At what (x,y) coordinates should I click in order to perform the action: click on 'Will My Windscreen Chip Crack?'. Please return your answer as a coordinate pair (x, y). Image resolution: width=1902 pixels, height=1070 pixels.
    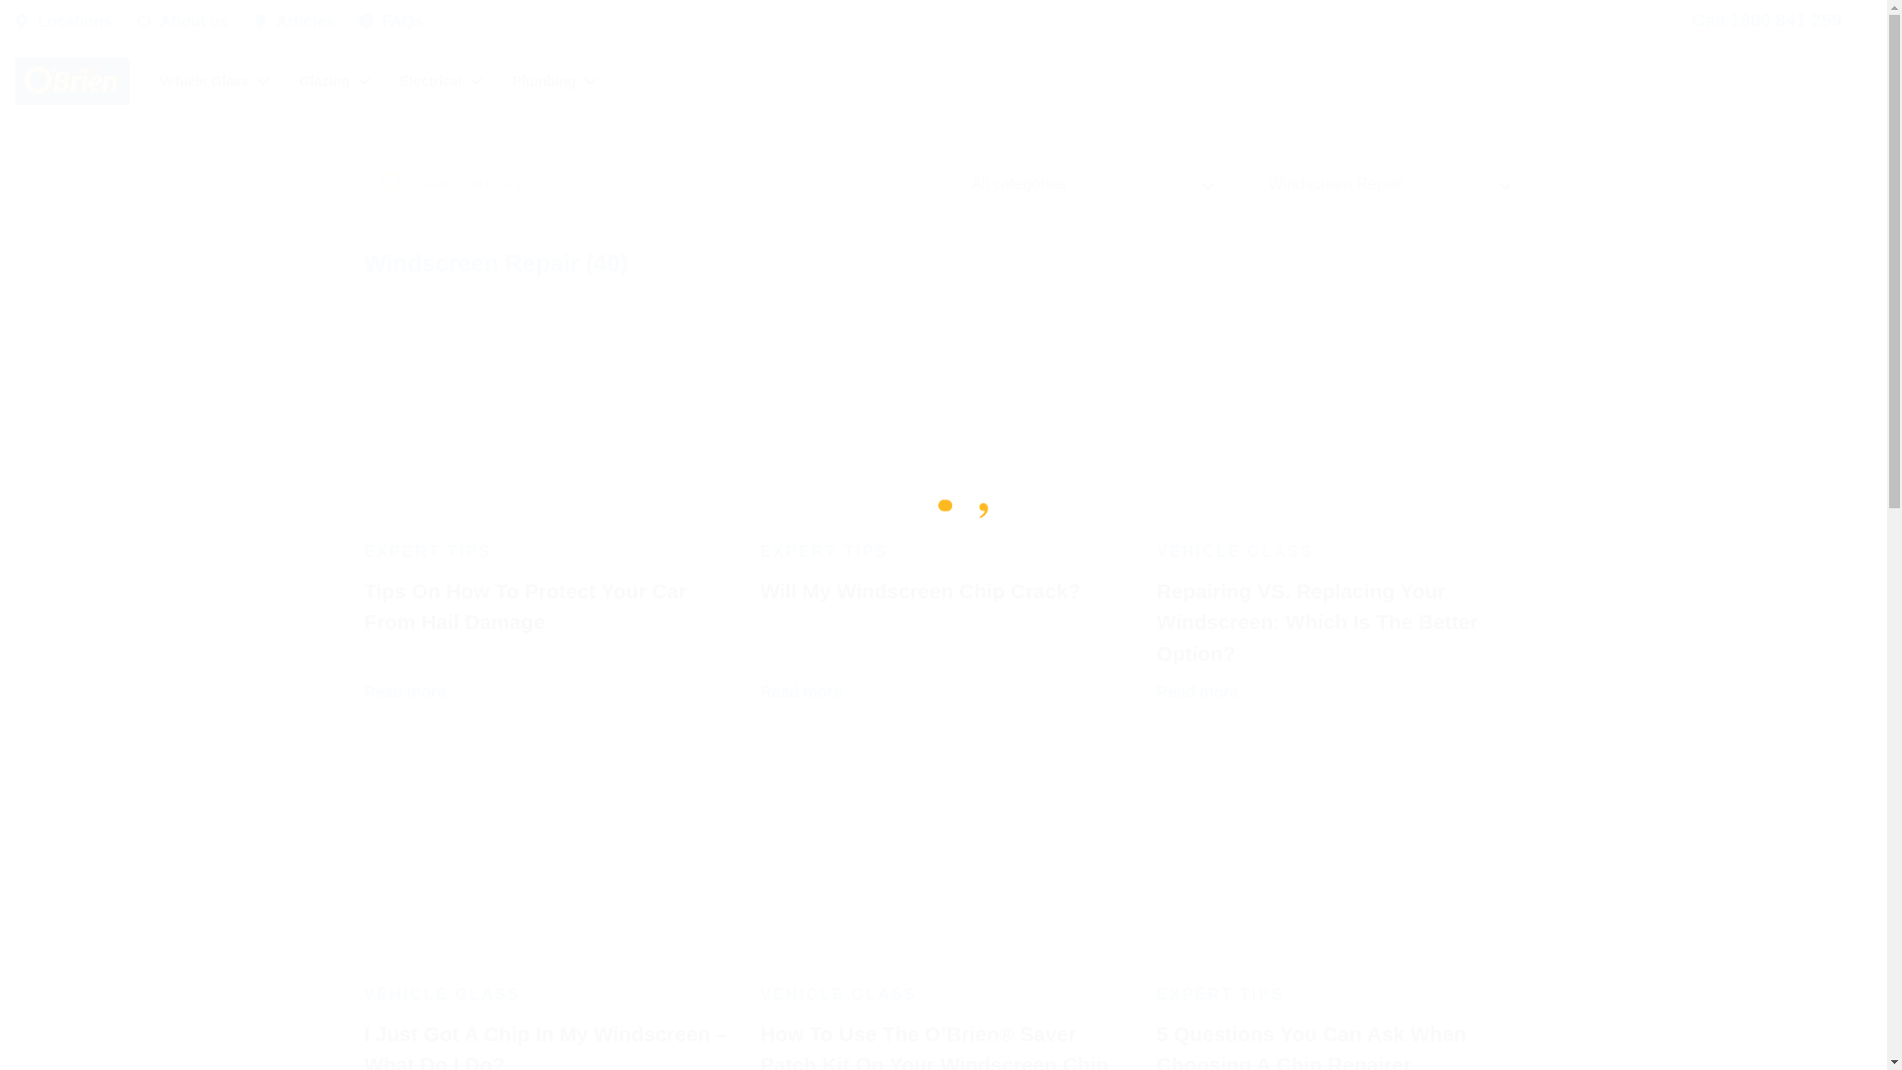
    Looking at the image, I should click on (918, 589).